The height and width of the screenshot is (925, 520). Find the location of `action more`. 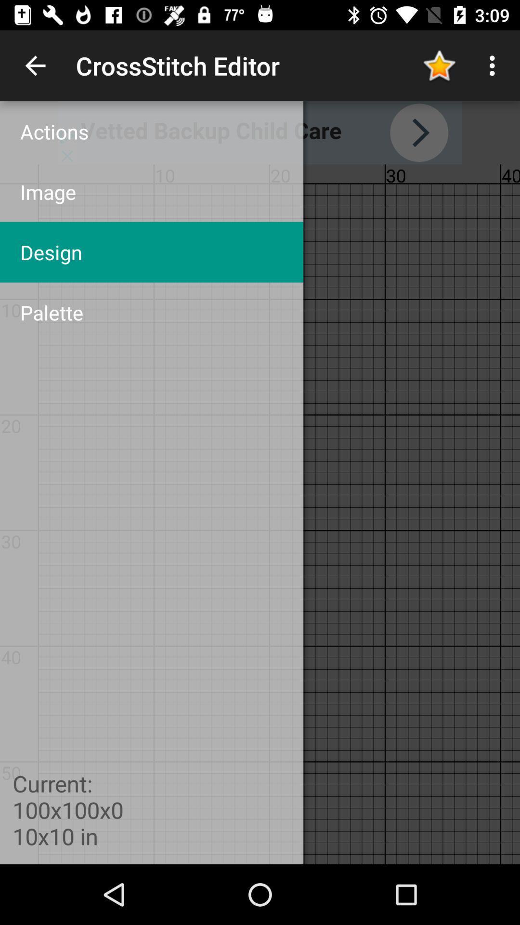

action more is located at coordinates (260, 132).